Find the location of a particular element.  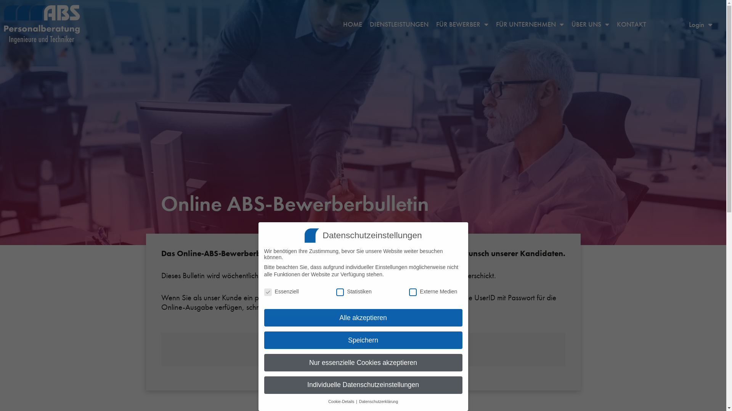

'KONTAKT' is located at coordinates (631, 24).